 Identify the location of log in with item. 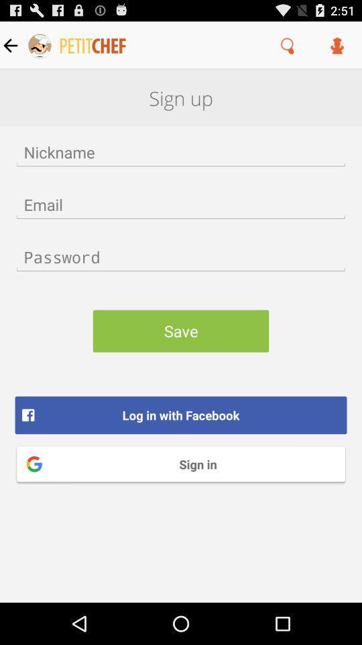
(181, 415).